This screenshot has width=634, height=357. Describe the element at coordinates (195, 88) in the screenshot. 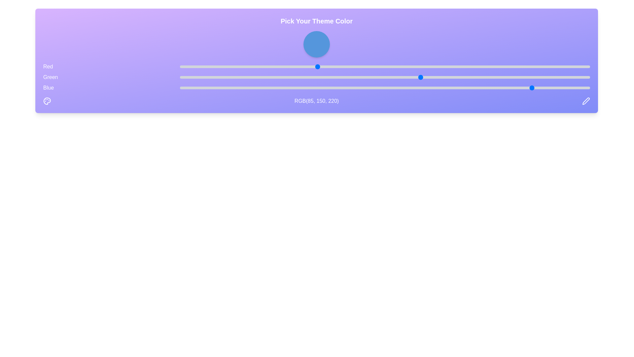

I see `the Blue value` at that location.